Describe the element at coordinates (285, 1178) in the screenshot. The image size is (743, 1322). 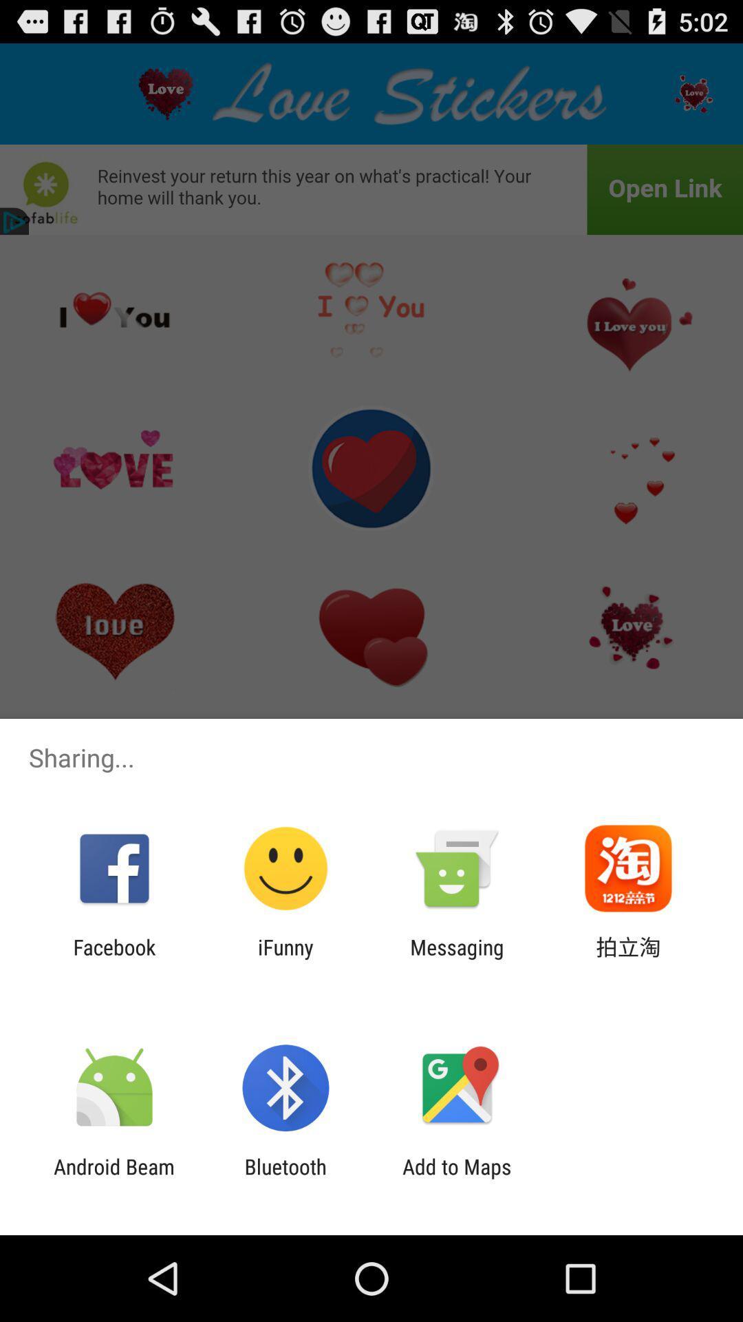
I see `the app next to the add to maps app` at that location.